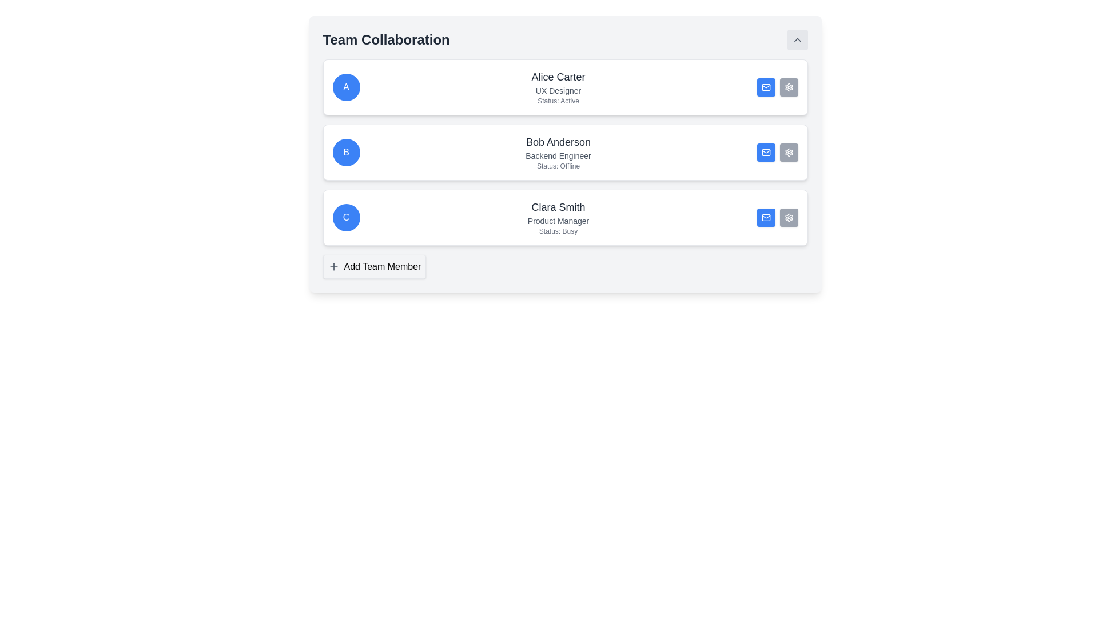 The image size is (1098, 617). What do you see at coordinates (766, 218) in the screenshot?
I see `the blue button with a white mail icon located to the left of the gray settings button in the bottom row of team members, next to Clara Smith's name` at bounding box center [766, 218].